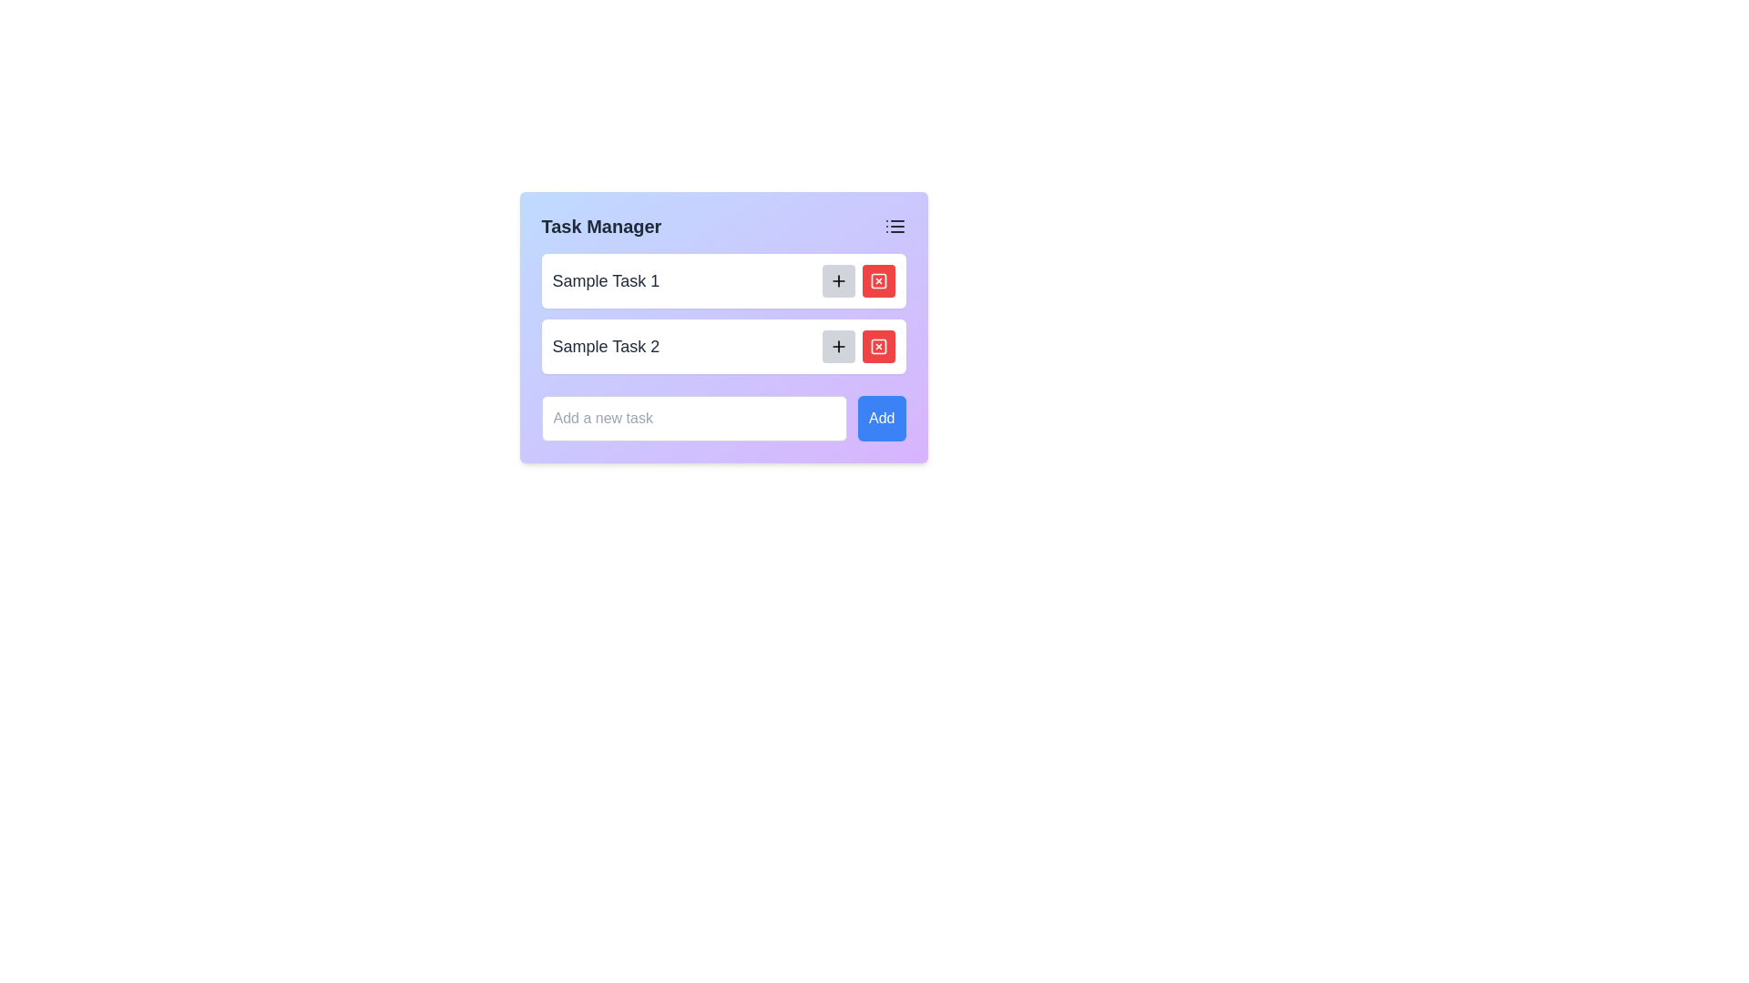  What do you see at coordinates (837, 280) in the screenshot?
I see `the plus icon within the gray rounded button, which is the first element in the list` at bounding box center [837, 280].